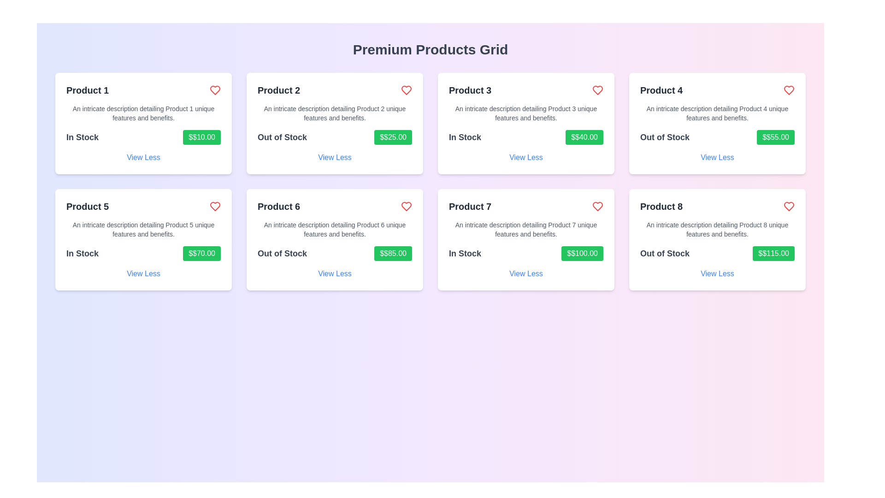 This screenshot has height=498, width=885. Describe the element at coordinates (665, 137) in the screenshot. I see `the 'Out of Stock' text label displayed in bold dark gray on a light background, located in the fourth product card labeled 'Product 4', positioned above the price label ($55.00) and below the brief description` at that location.